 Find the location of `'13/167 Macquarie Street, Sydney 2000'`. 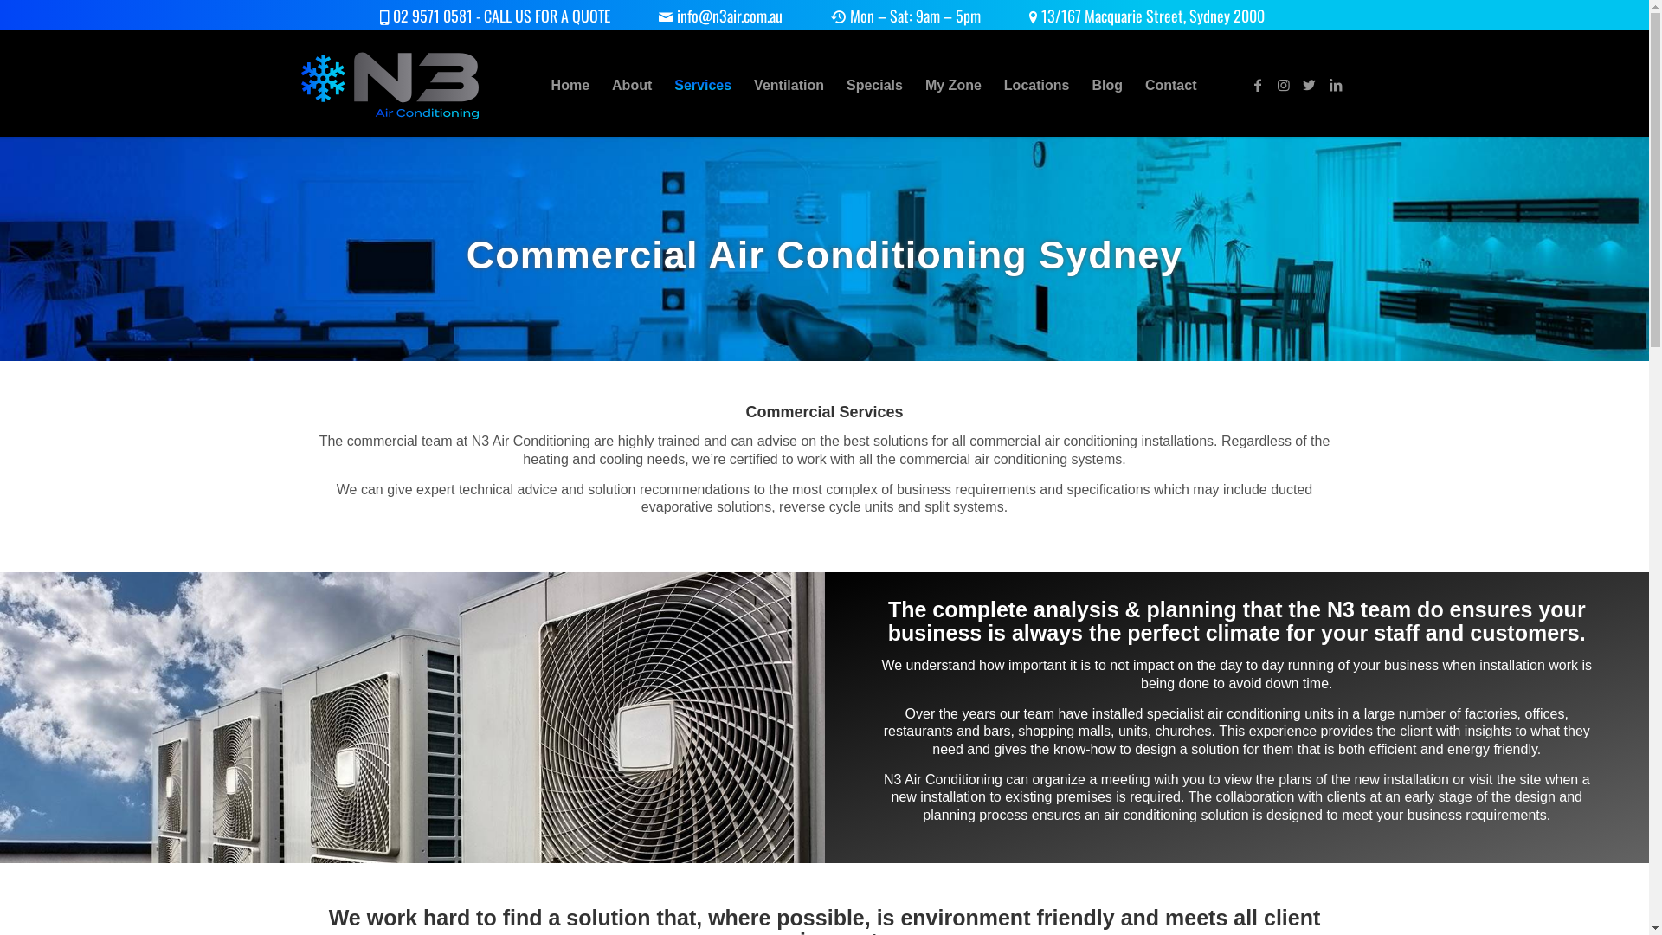

'13/167 Macquarie Street, Sydney 2000' is located at coordinates (1149, 16).